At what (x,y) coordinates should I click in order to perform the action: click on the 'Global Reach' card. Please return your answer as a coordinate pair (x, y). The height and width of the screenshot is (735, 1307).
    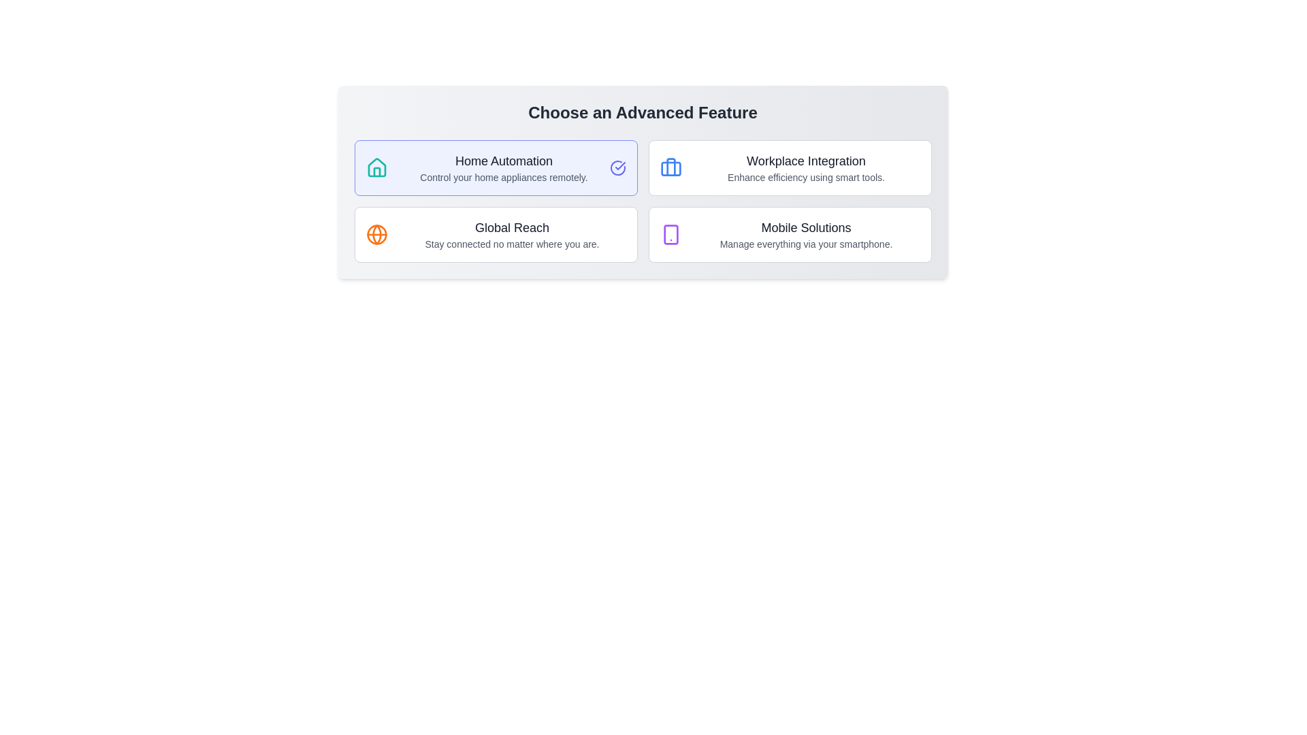
    Looking at the image, I should click on (495, 233).